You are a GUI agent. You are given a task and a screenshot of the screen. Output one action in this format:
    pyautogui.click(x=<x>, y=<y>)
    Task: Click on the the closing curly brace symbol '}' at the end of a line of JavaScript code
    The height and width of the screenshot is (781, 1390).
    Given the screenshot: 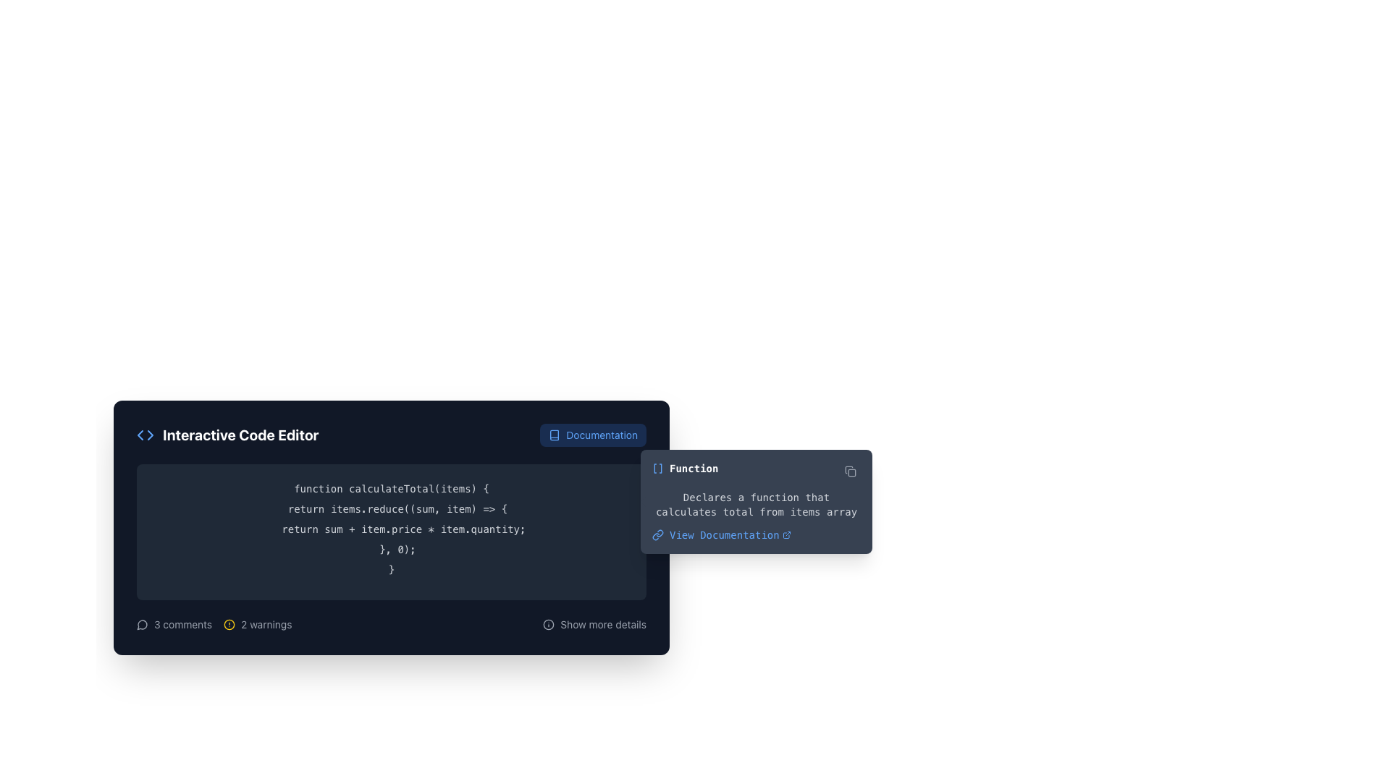 What is the action you would take?
    pyautogui.click(x=392, y=568)
    